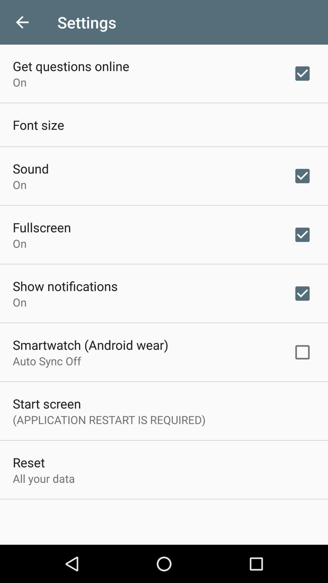 This screenshot has width=328, height=583. Describe the element at coordinates (22, 22) in the screenshot. I see `the icon next to the settings icon` at that location.